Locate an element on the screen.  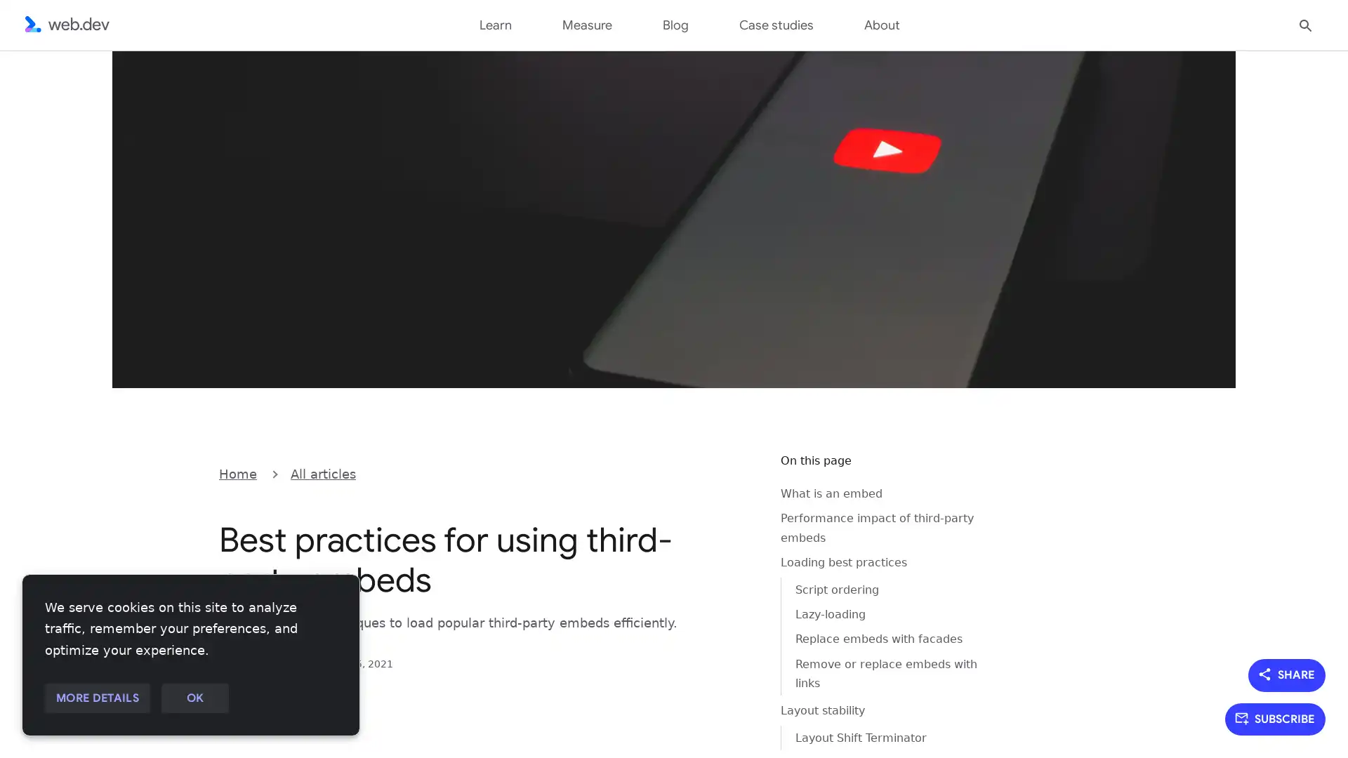
Open search is located at coordinates (1305, 24).